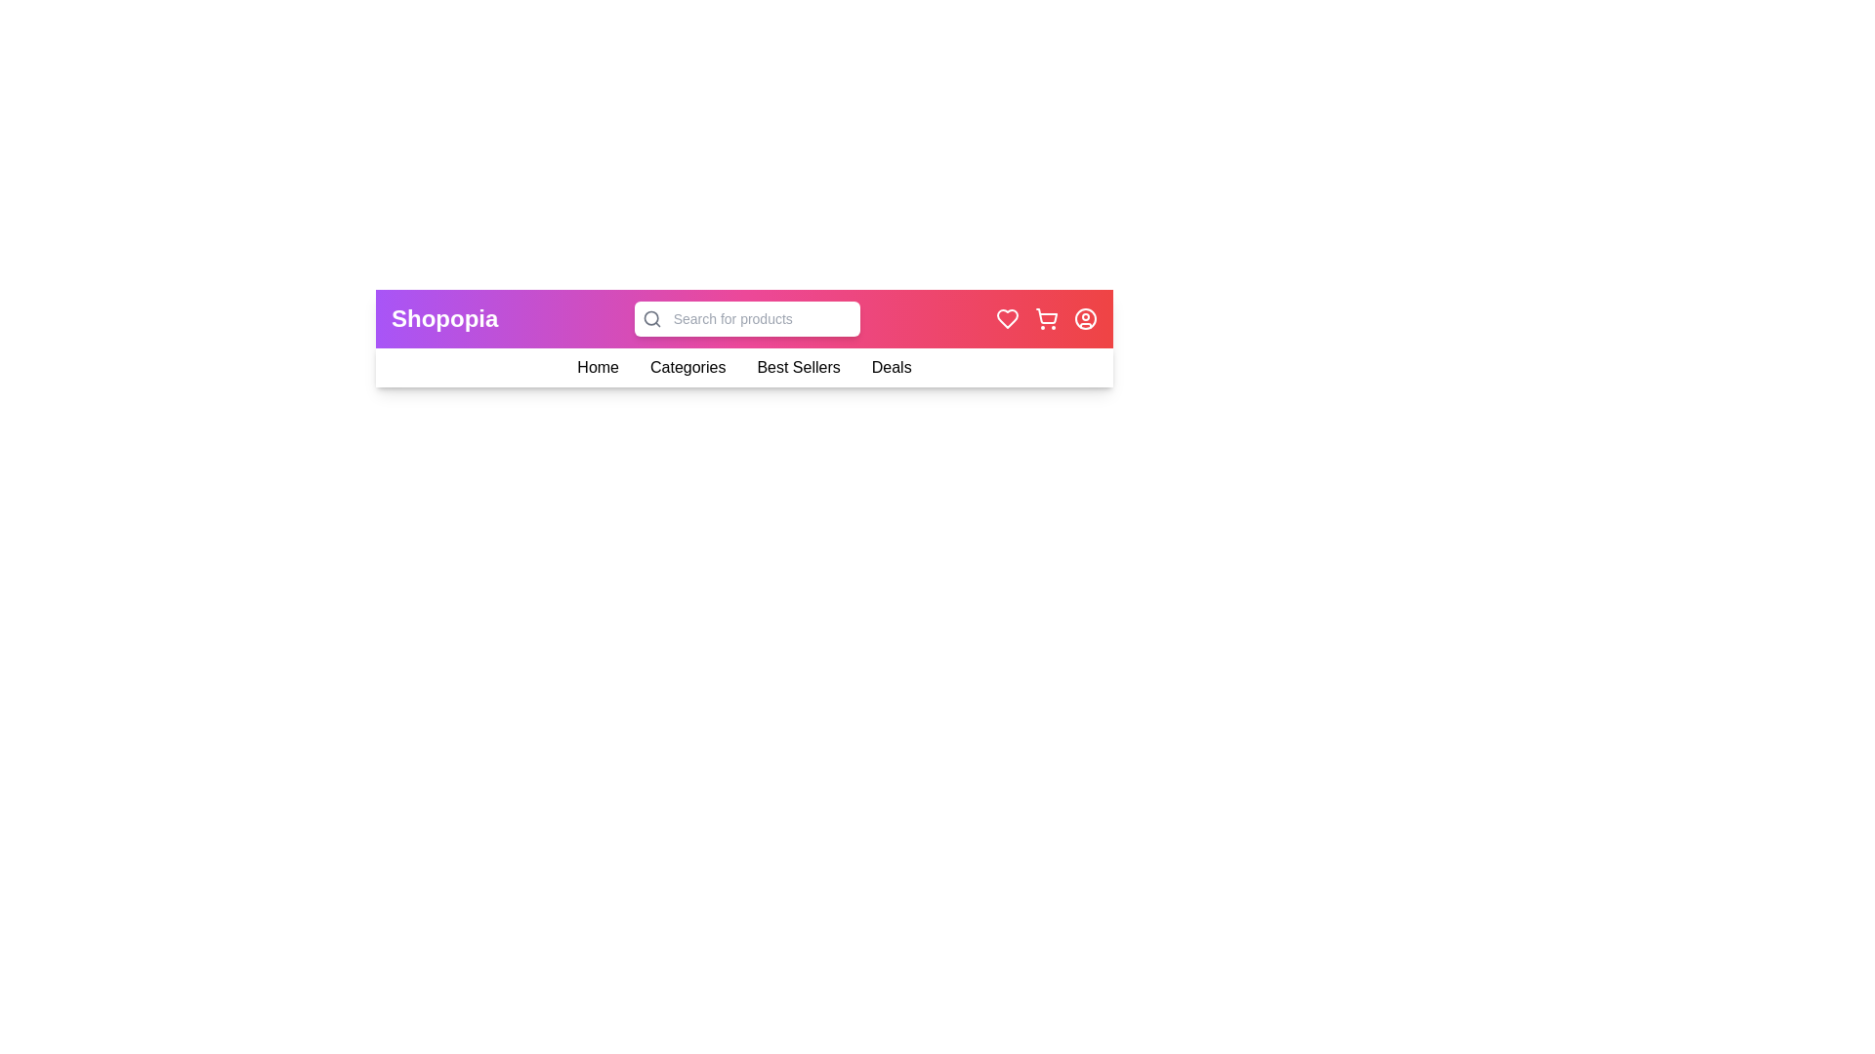  What do you see at coordinates (799, 368) in the screenshot?
I see `the Best Sellers navigation link` at bounding box center [799, 368].